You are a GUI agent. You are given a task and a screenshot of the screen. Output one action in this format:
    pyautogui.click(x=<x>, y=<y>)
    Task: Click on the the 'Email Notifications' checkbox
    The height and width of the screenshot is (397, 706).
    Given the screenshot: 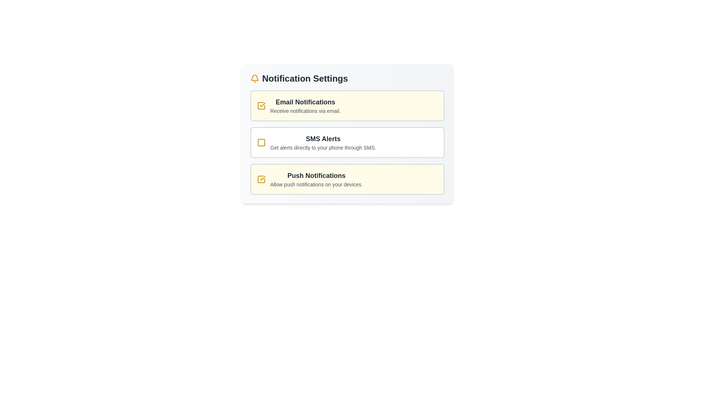 What is the action you would take?
    pyautogui.click(x=261, y=106)
    